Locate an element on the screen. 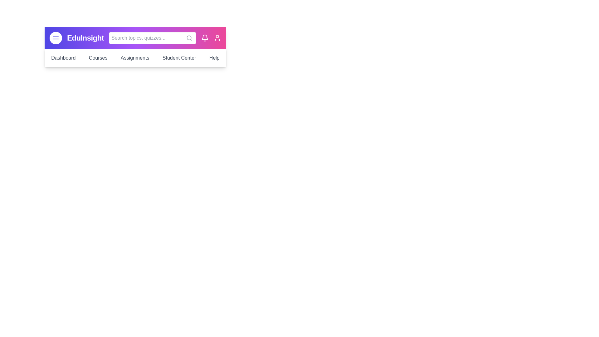 Image resolution: width=599 pixels, height=337 pixels. the menu item Help to navigate to the corresponding section is located at coordinates (214, 58).